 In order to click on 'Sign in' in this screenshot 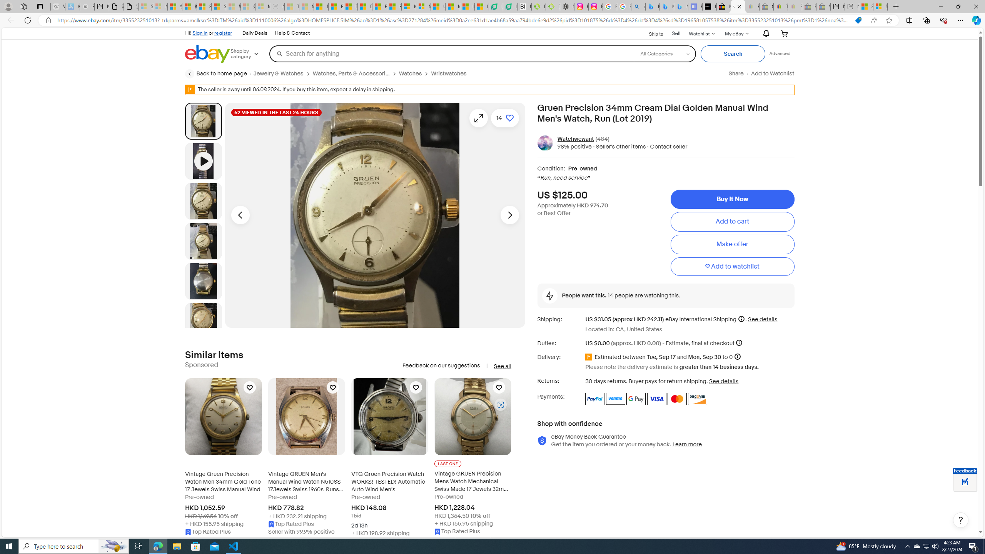, I will do `click(199, 32)`.